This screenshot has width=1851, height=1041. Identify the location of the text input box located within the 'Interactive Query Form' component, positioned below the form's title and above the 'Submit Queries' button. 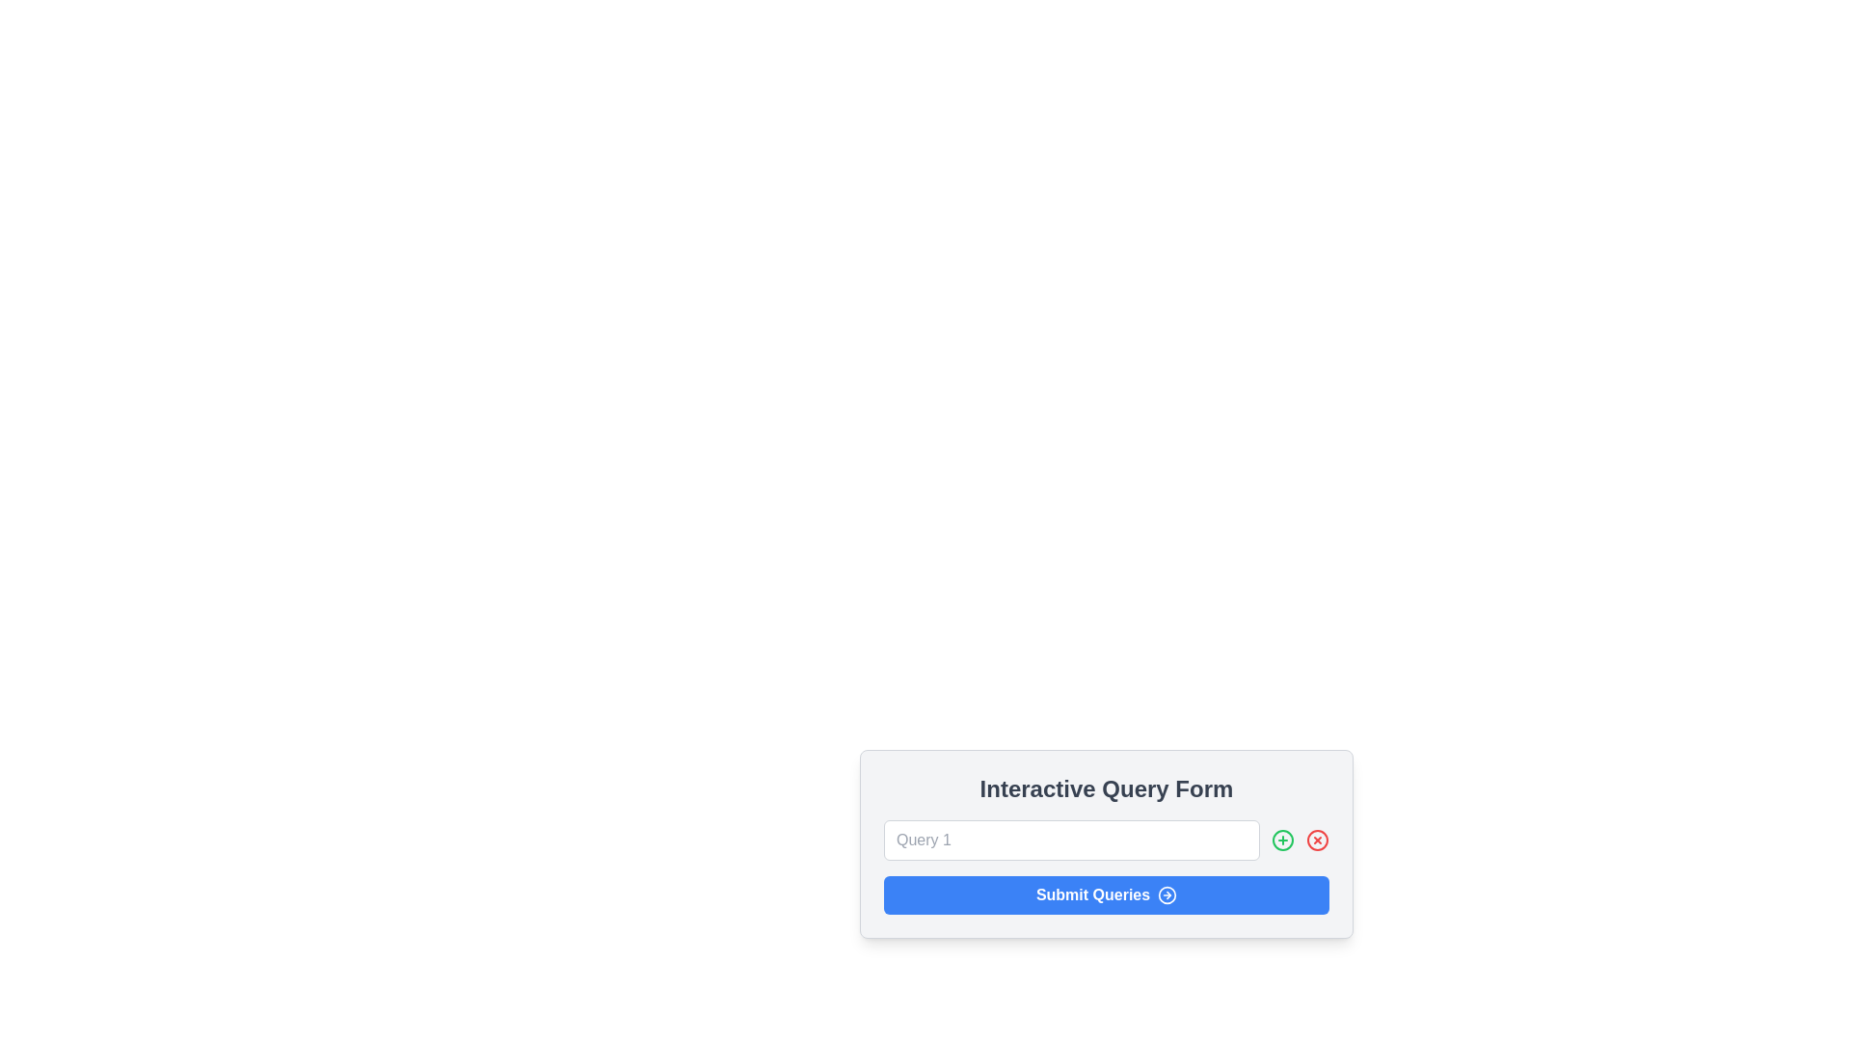
(1106, 839).